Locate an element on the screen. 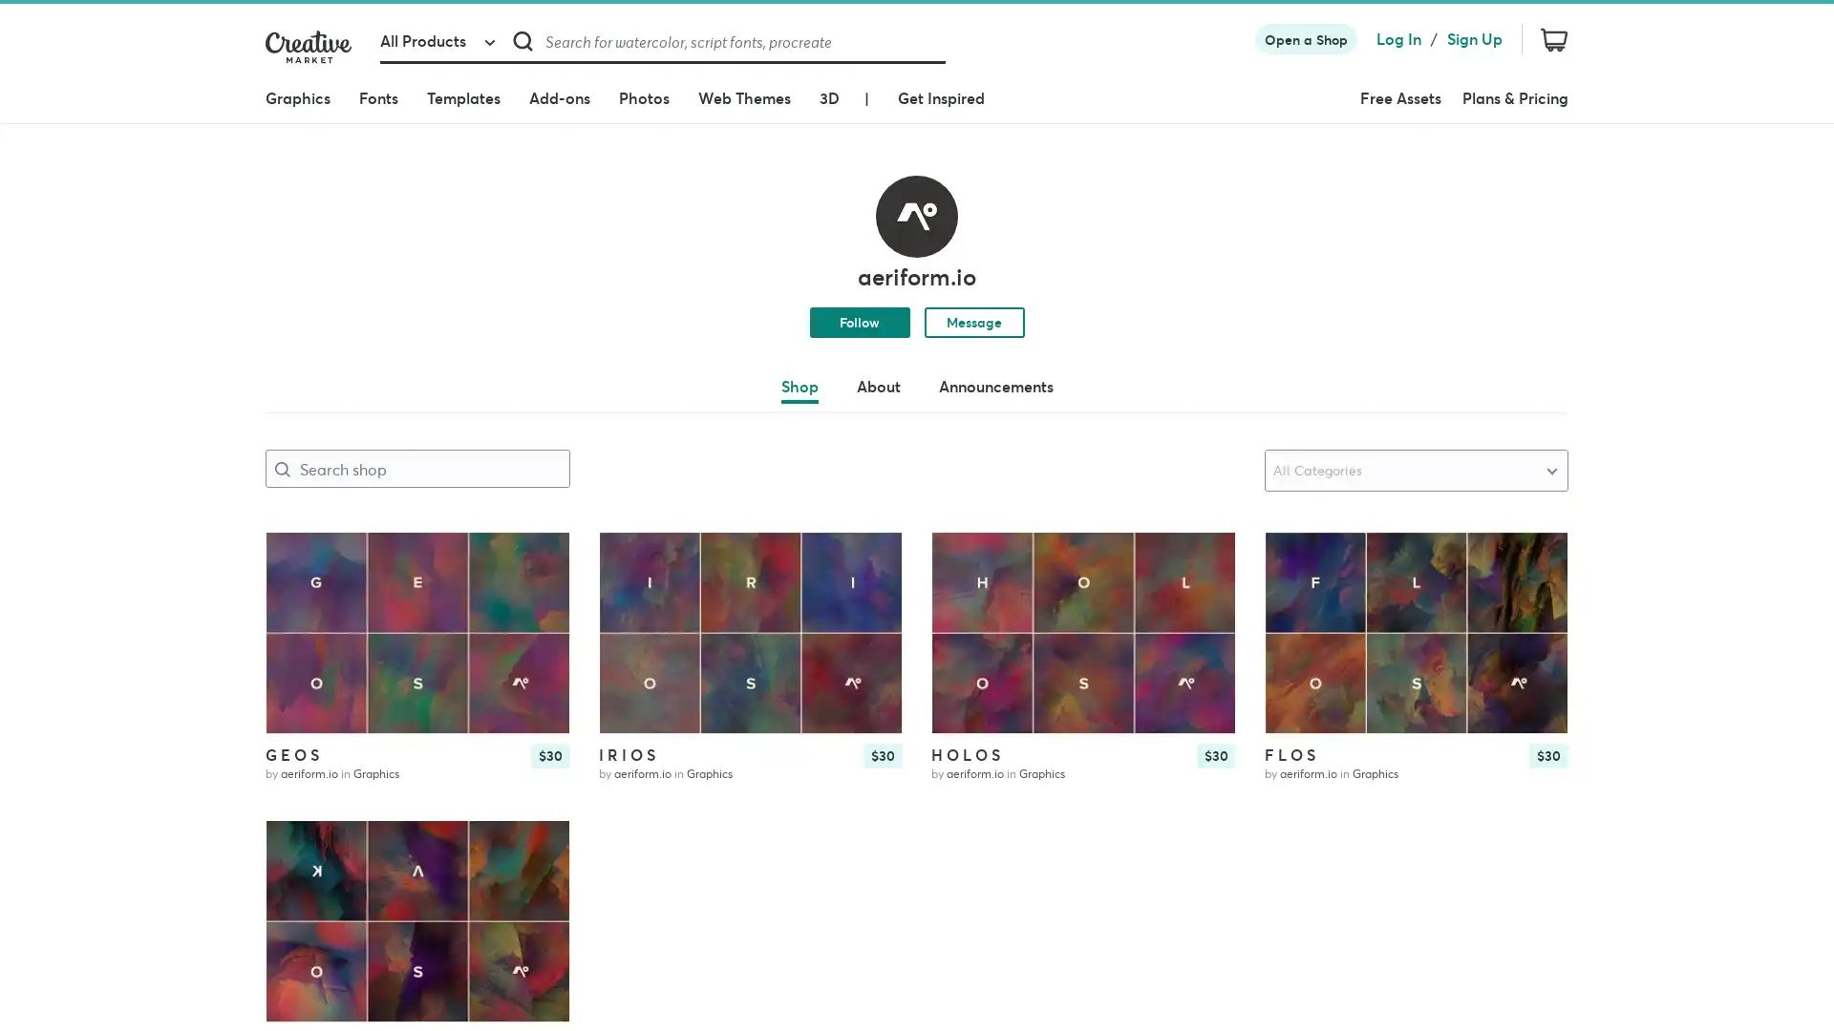 This screenshot has width=1834, height=1031. Save is located at coordinates (870, 590).